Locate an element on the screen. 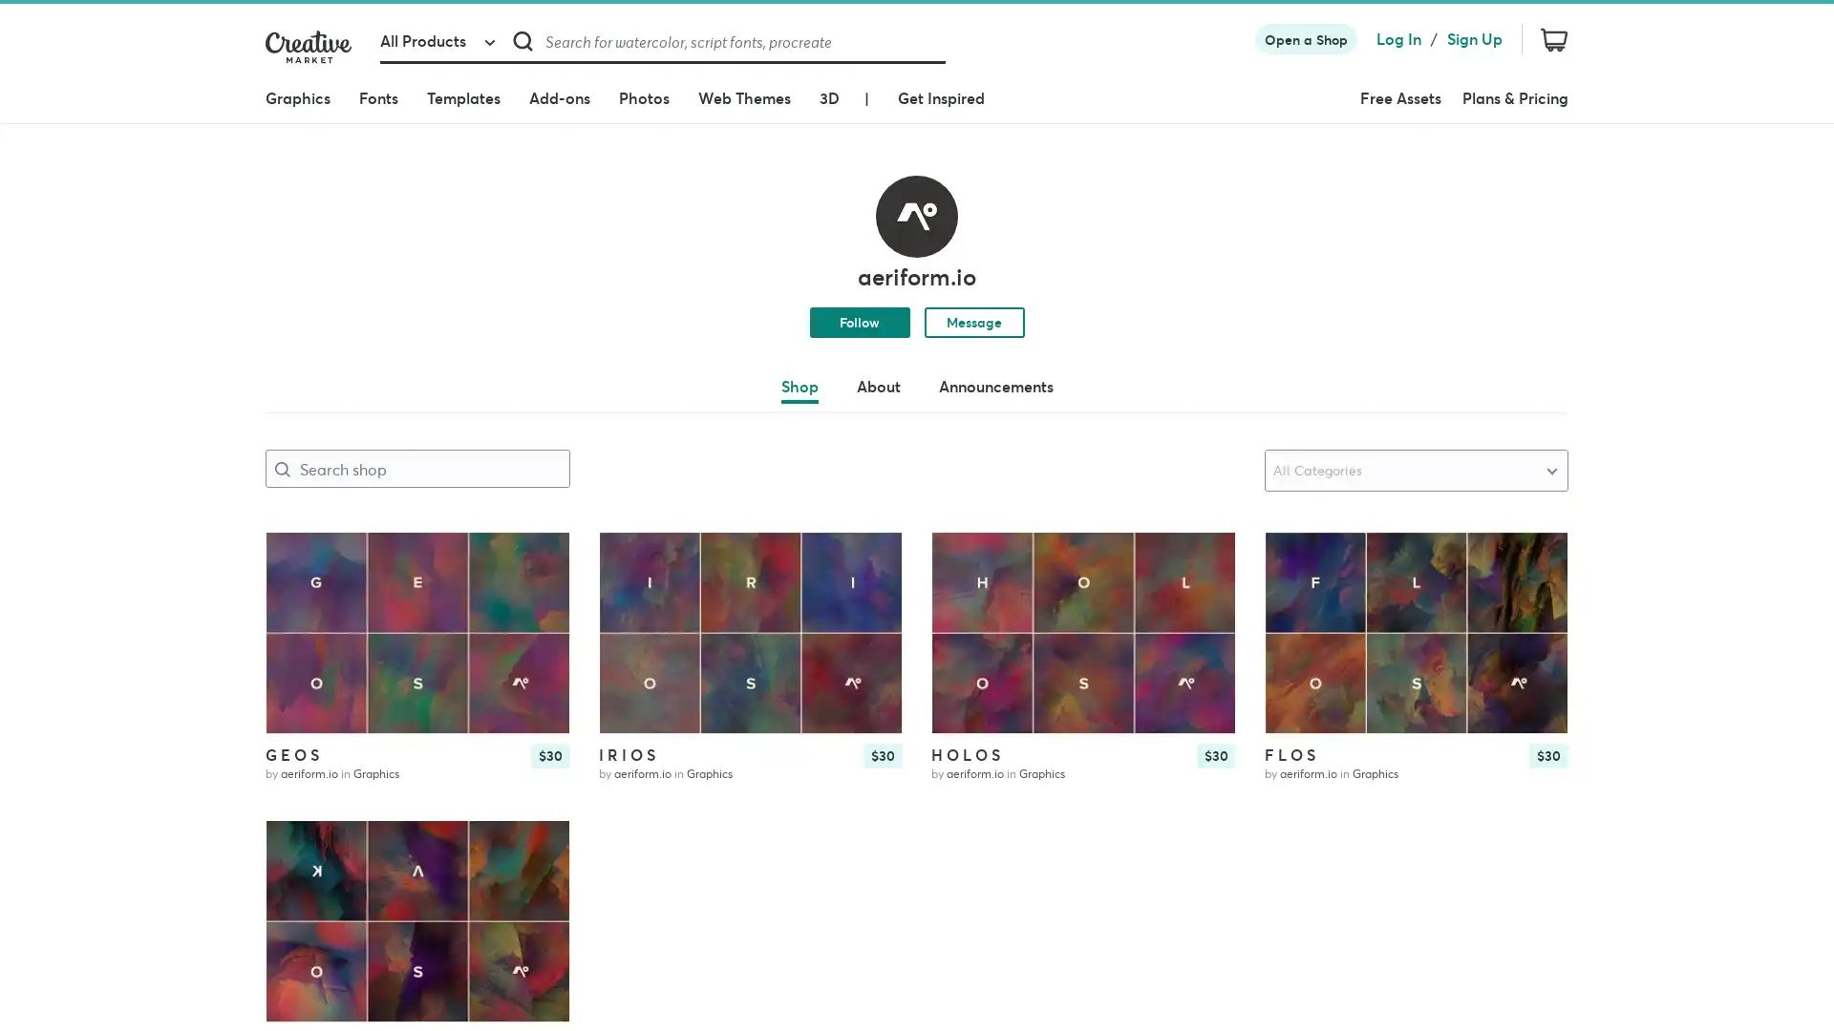 This screenshot has width=1834, height=1031. Save is located at coordinates (870, 590).